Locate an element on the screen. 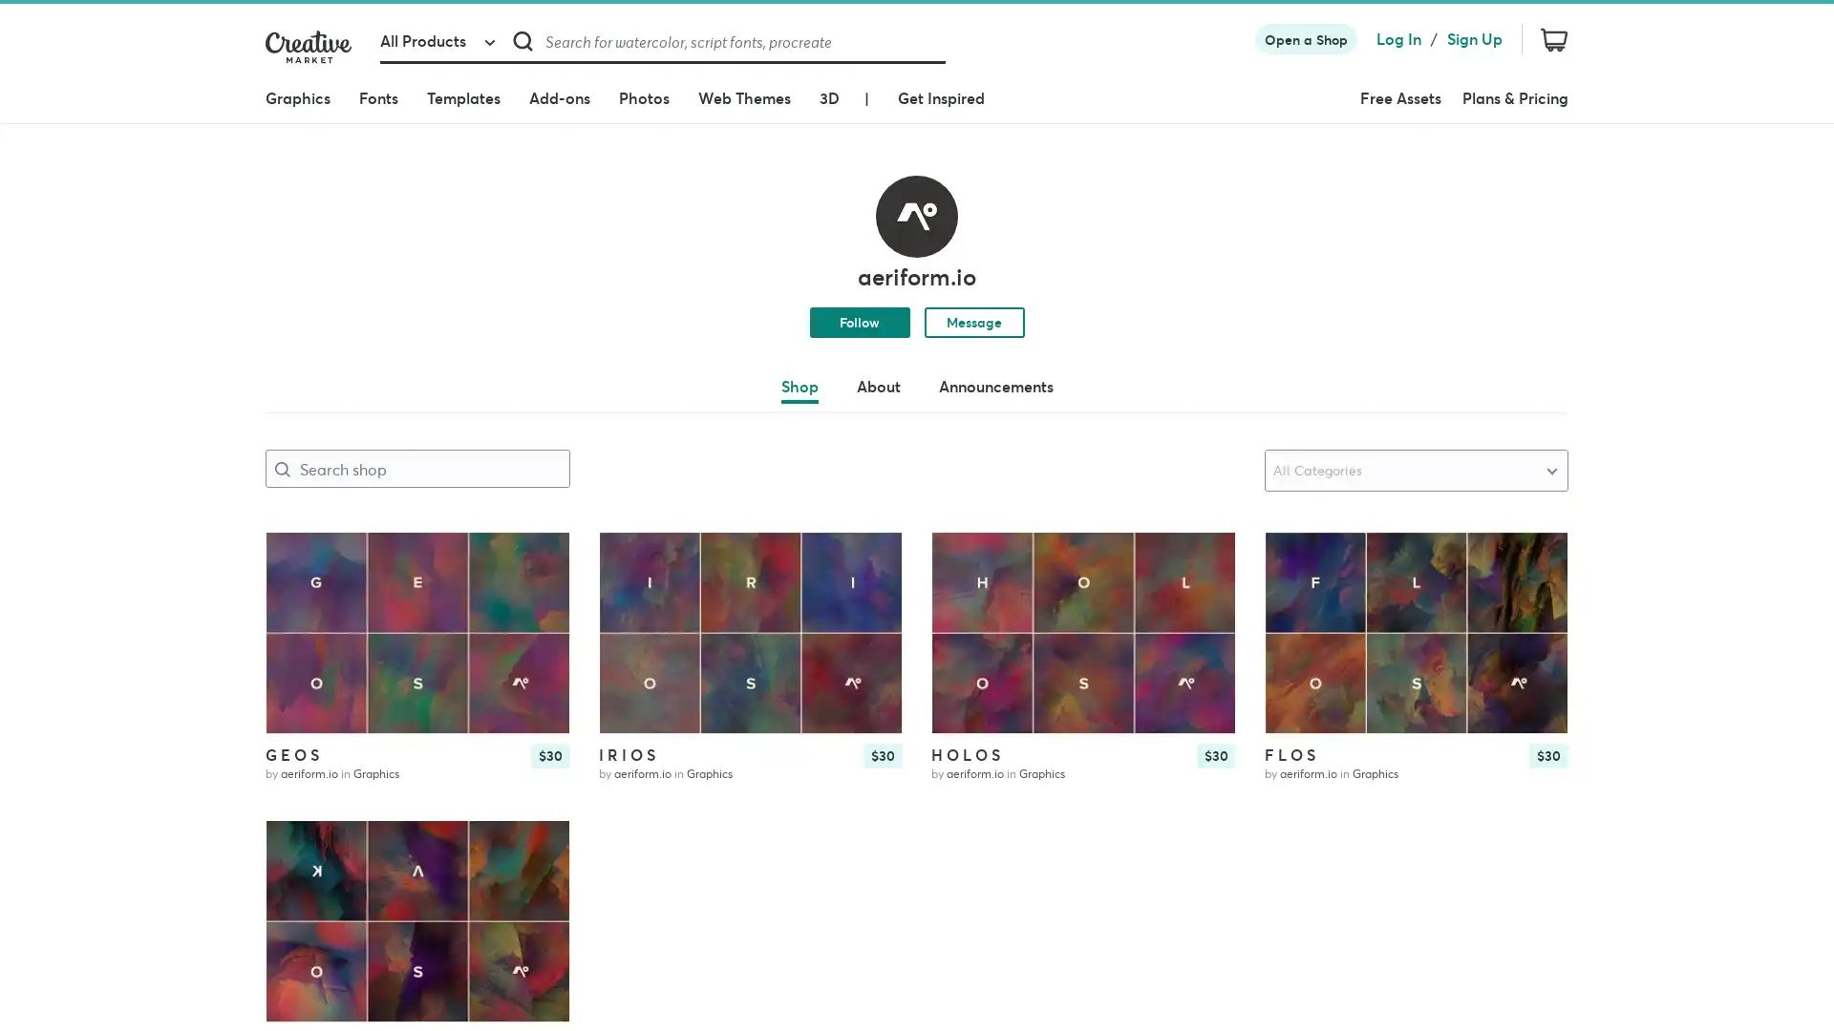 This screenshot has width=1834, height=1031. Save is located at coordinates (870, 590).